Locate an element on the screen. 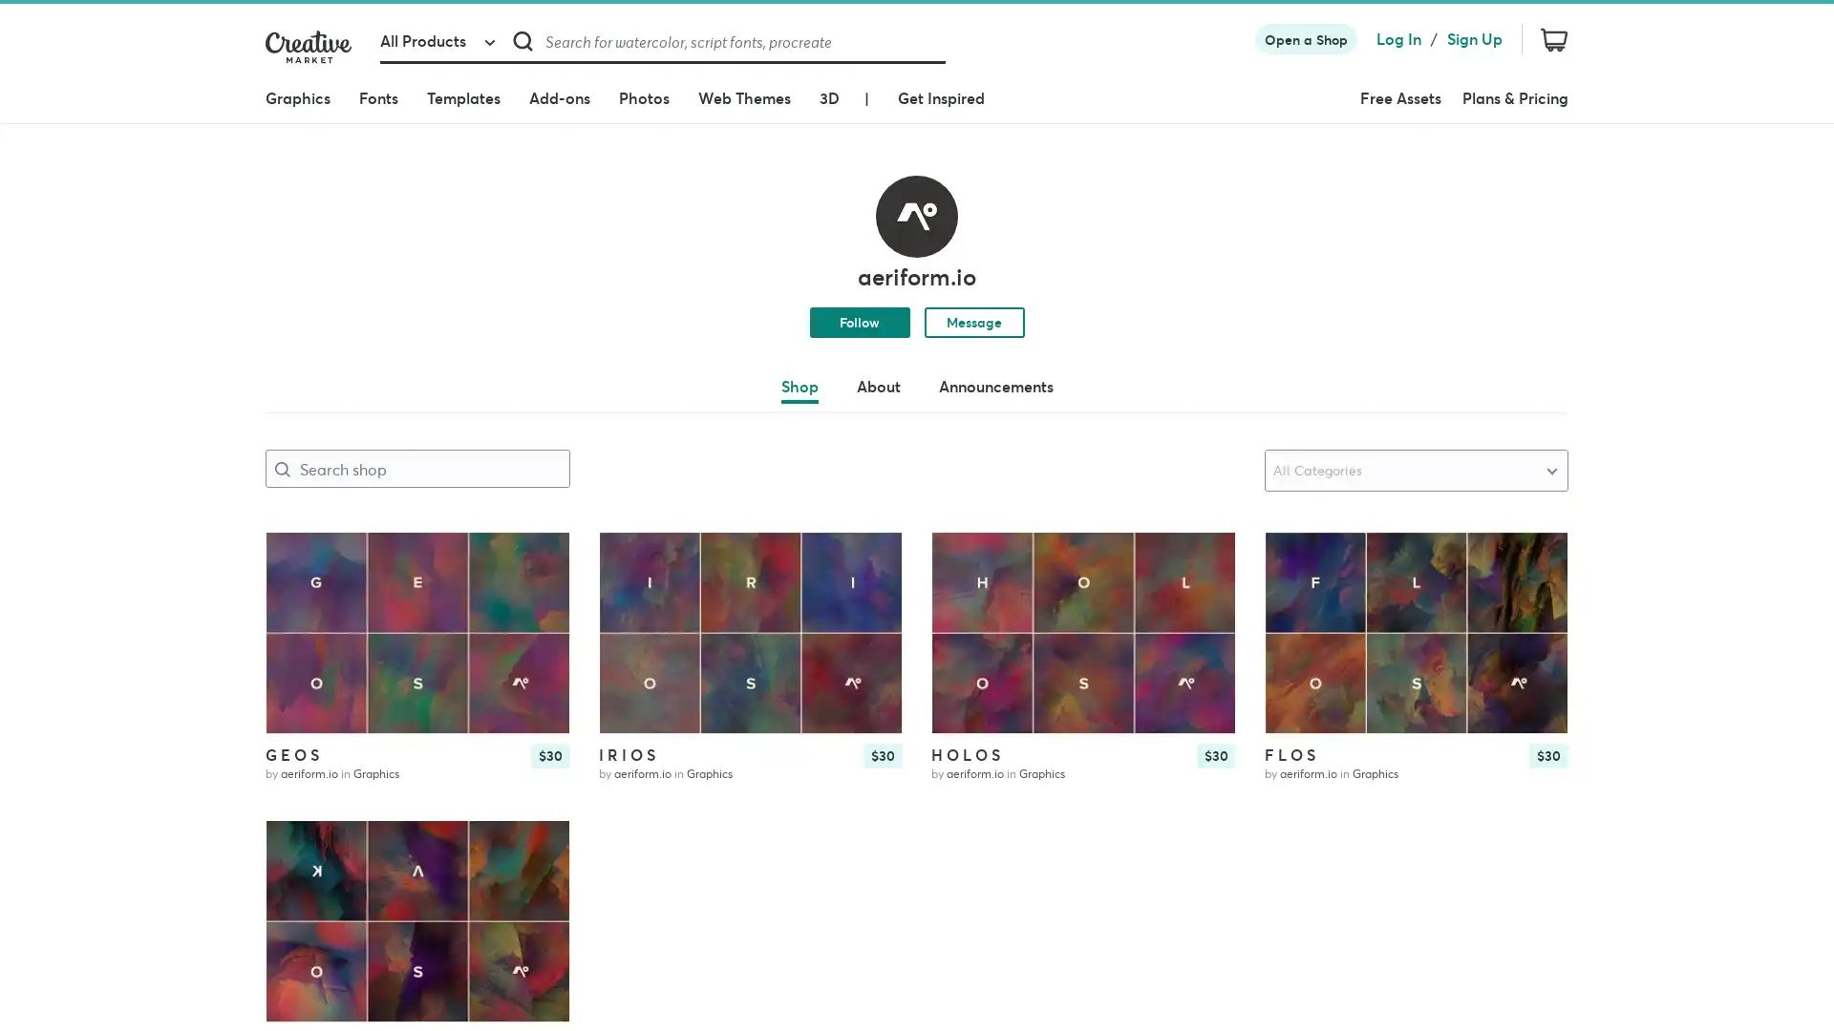 This screenshot has width=1834, height=1031. Save is located at coordinates (870, 590).